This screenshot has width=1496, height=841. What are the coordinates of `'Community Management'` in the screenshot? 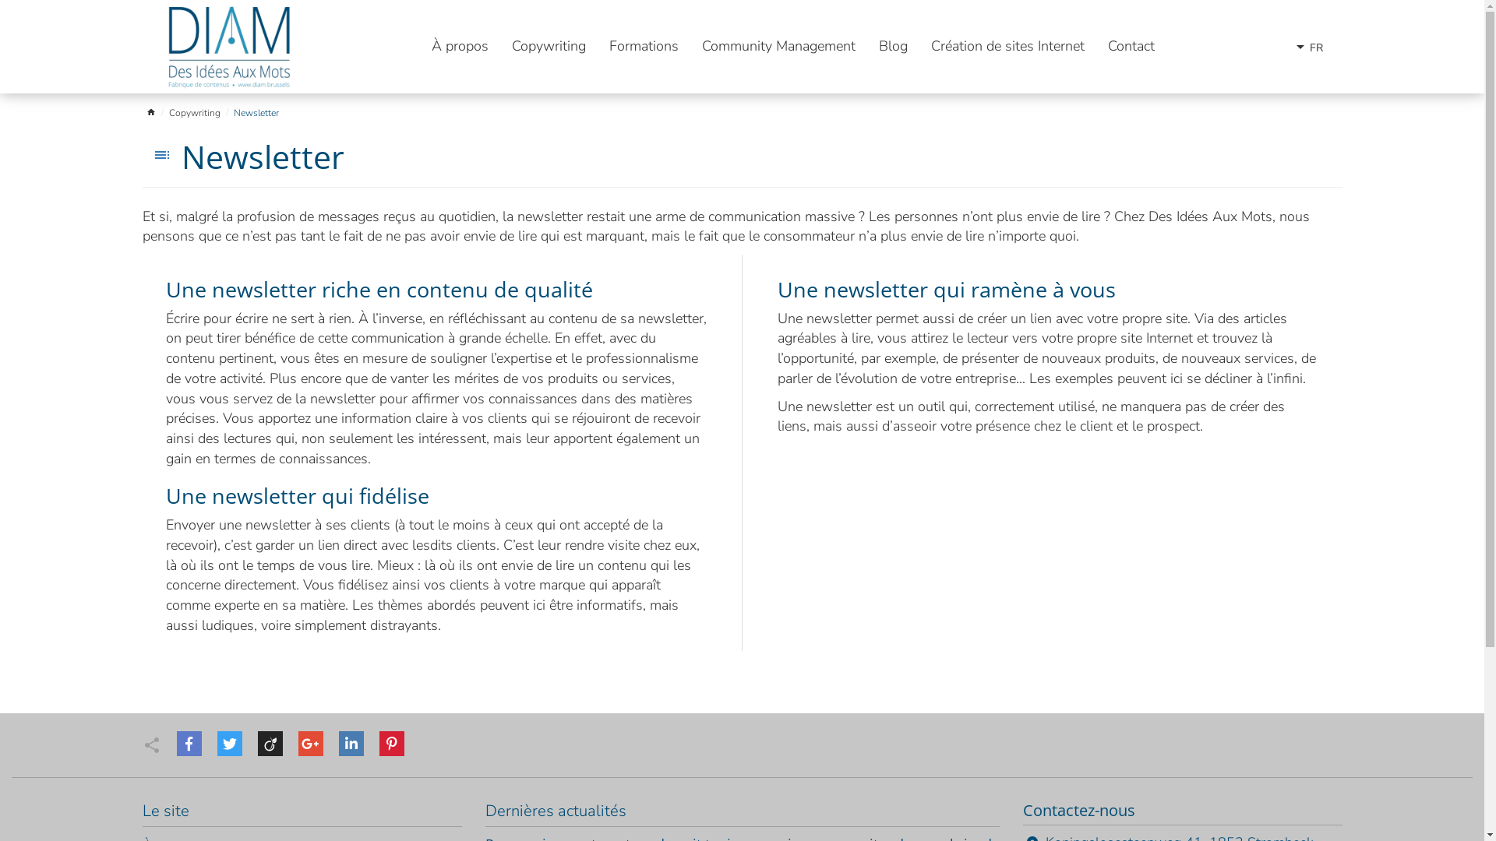 It's located at (778, 46).